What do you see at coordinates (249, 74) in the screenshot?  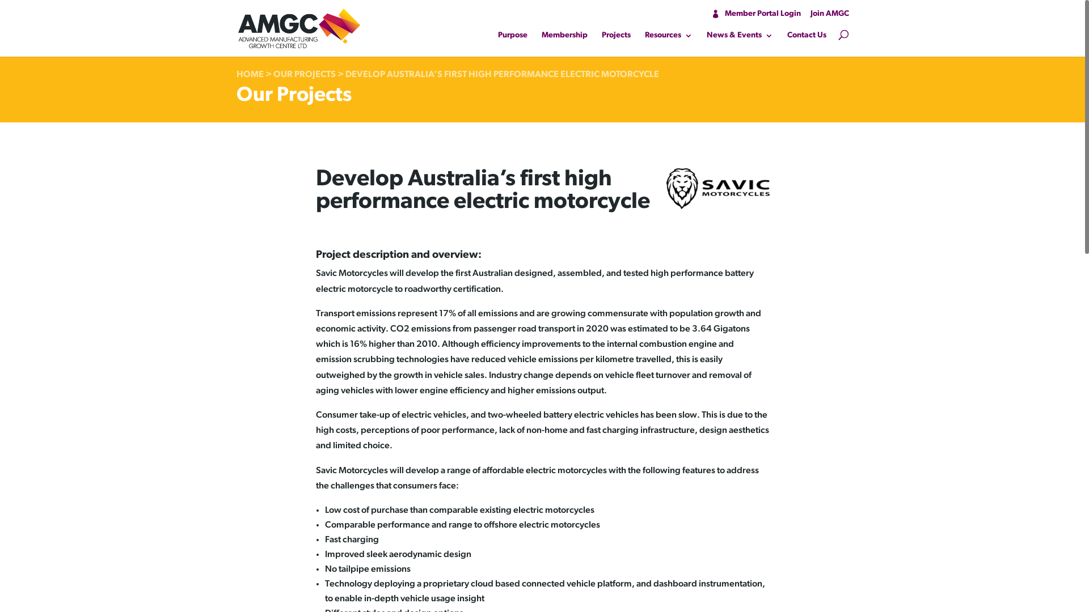 I see `'HOME'` at bounding box center [249, 74].